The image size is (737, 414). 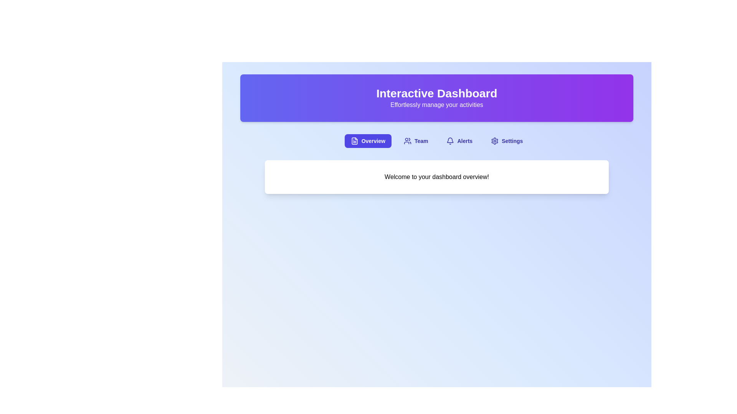 What do you see at coordinates (436, 177) in the screenshot?
I see `the static text block that serves as a welcoming message or introductory card for the dashboard, located below the navigation buttons and centered in the upper-middle section of the main view` at bounding box center [436, 177].